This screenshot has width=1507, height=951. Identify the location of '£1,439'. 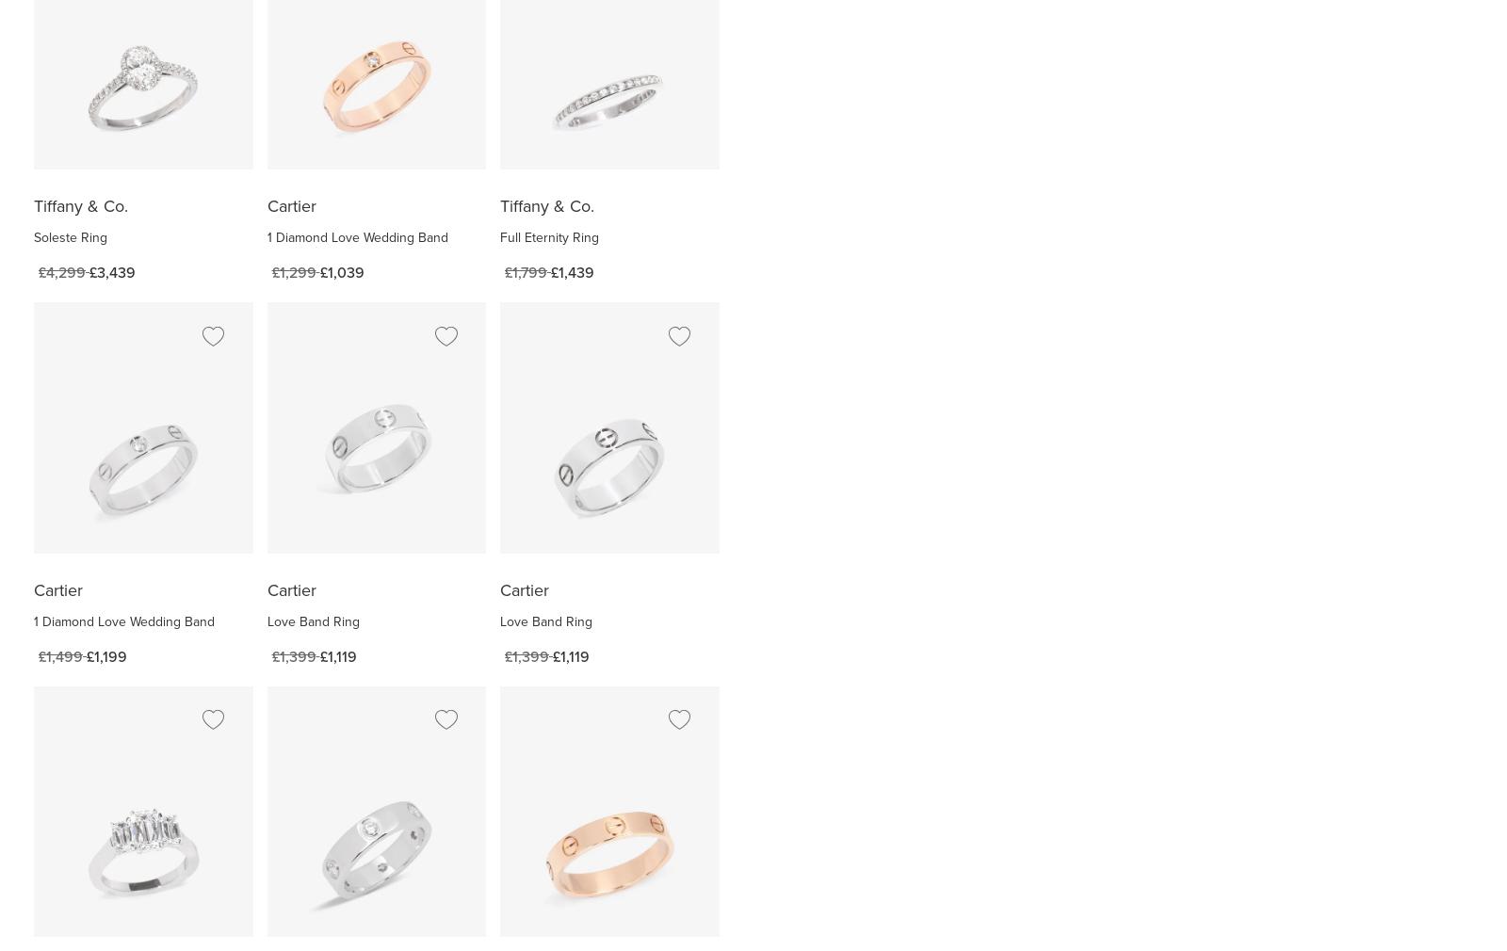
(573, 272).